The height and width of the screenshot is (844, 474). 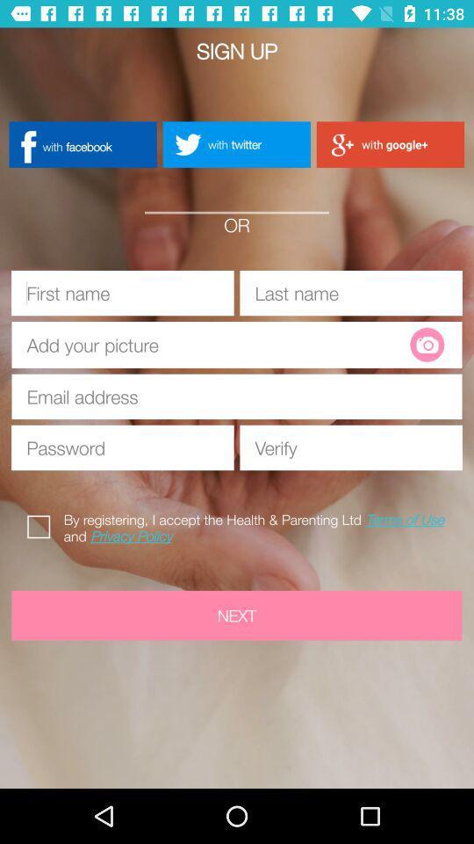 What do you see at coordinates (42, 524) in the screenshot?
I see `accept terms` at bounding box center [42, 524].